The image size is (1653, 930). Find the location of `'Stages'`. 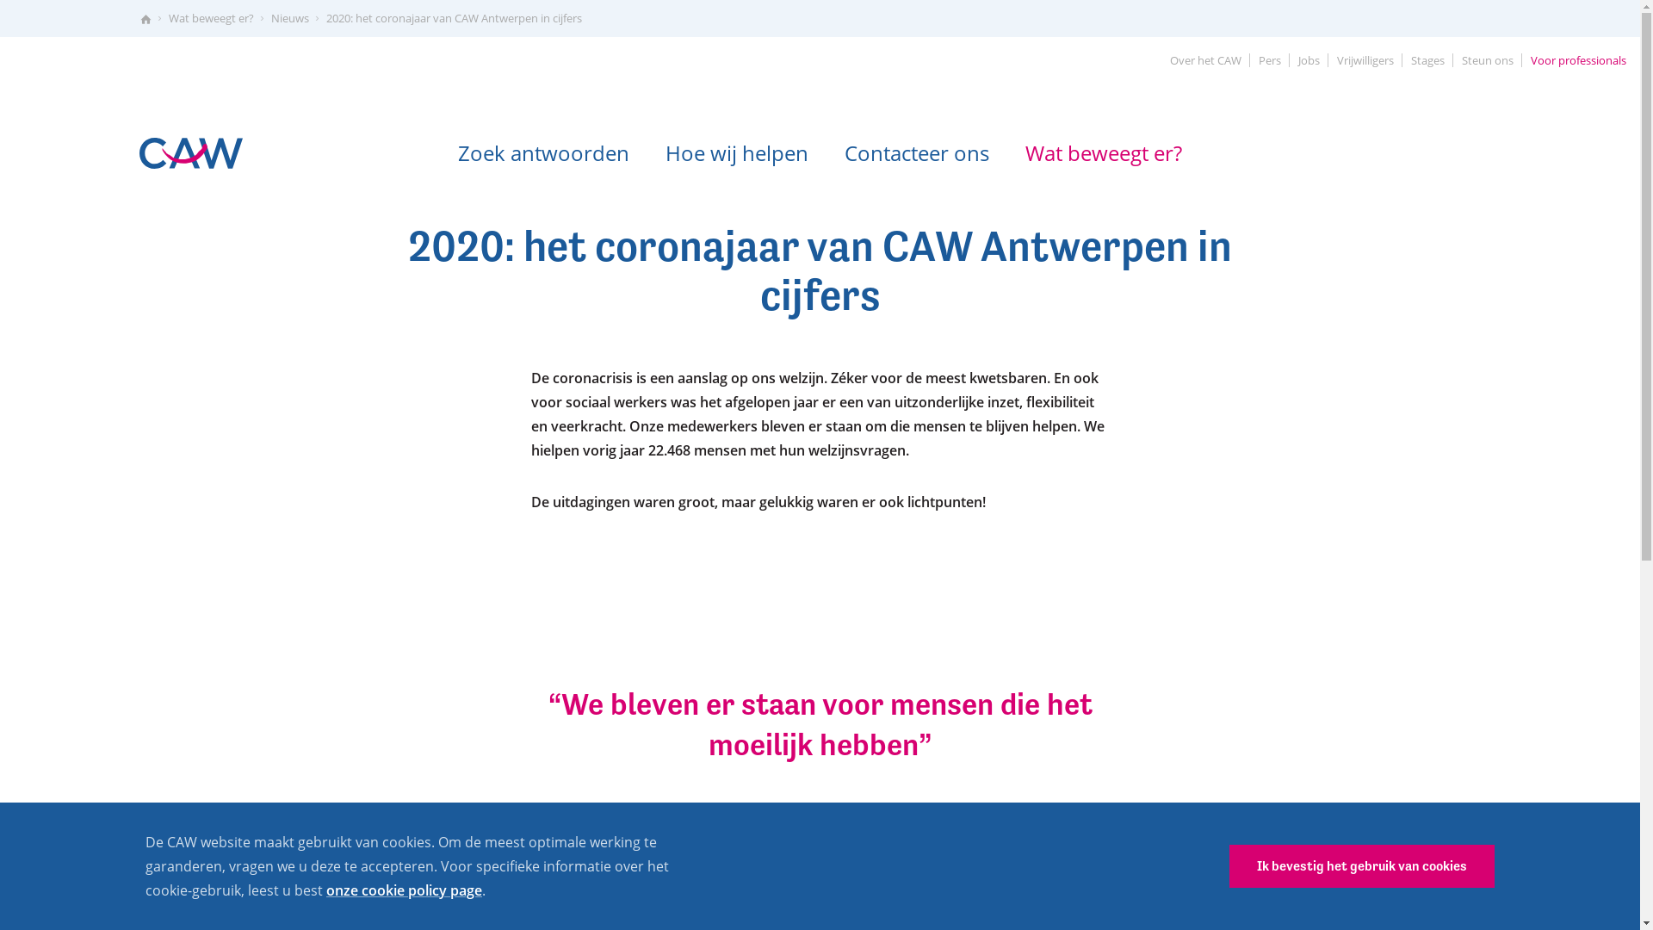

'Stages' is located at coordinates (1427, 59).